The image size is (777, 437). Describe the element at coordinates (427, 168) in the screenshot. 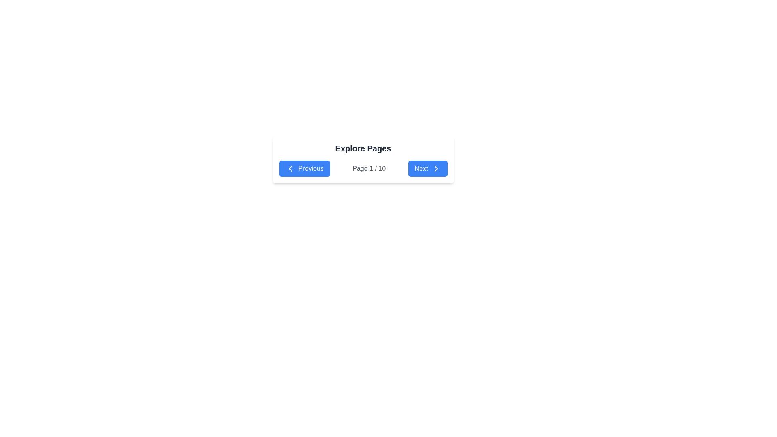

I see `the navigation button located at the rightmost position in the horizontal navigation bar` at that location.